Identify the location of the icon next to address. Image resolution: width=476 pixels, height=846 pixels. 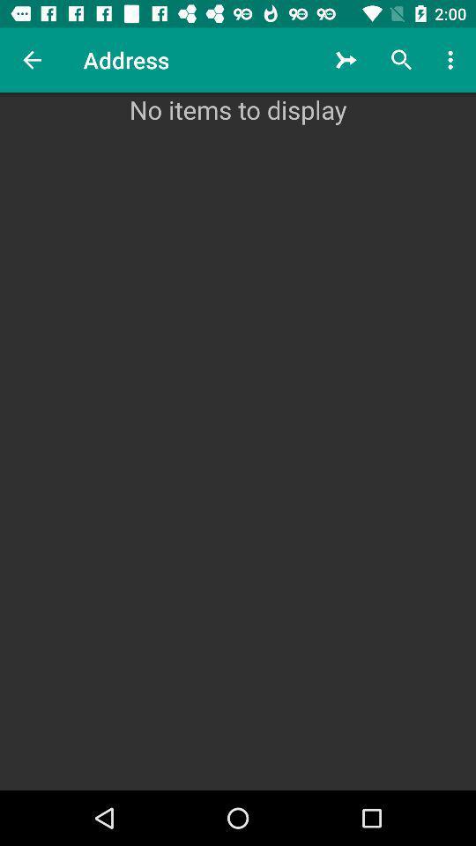
(346, 60).